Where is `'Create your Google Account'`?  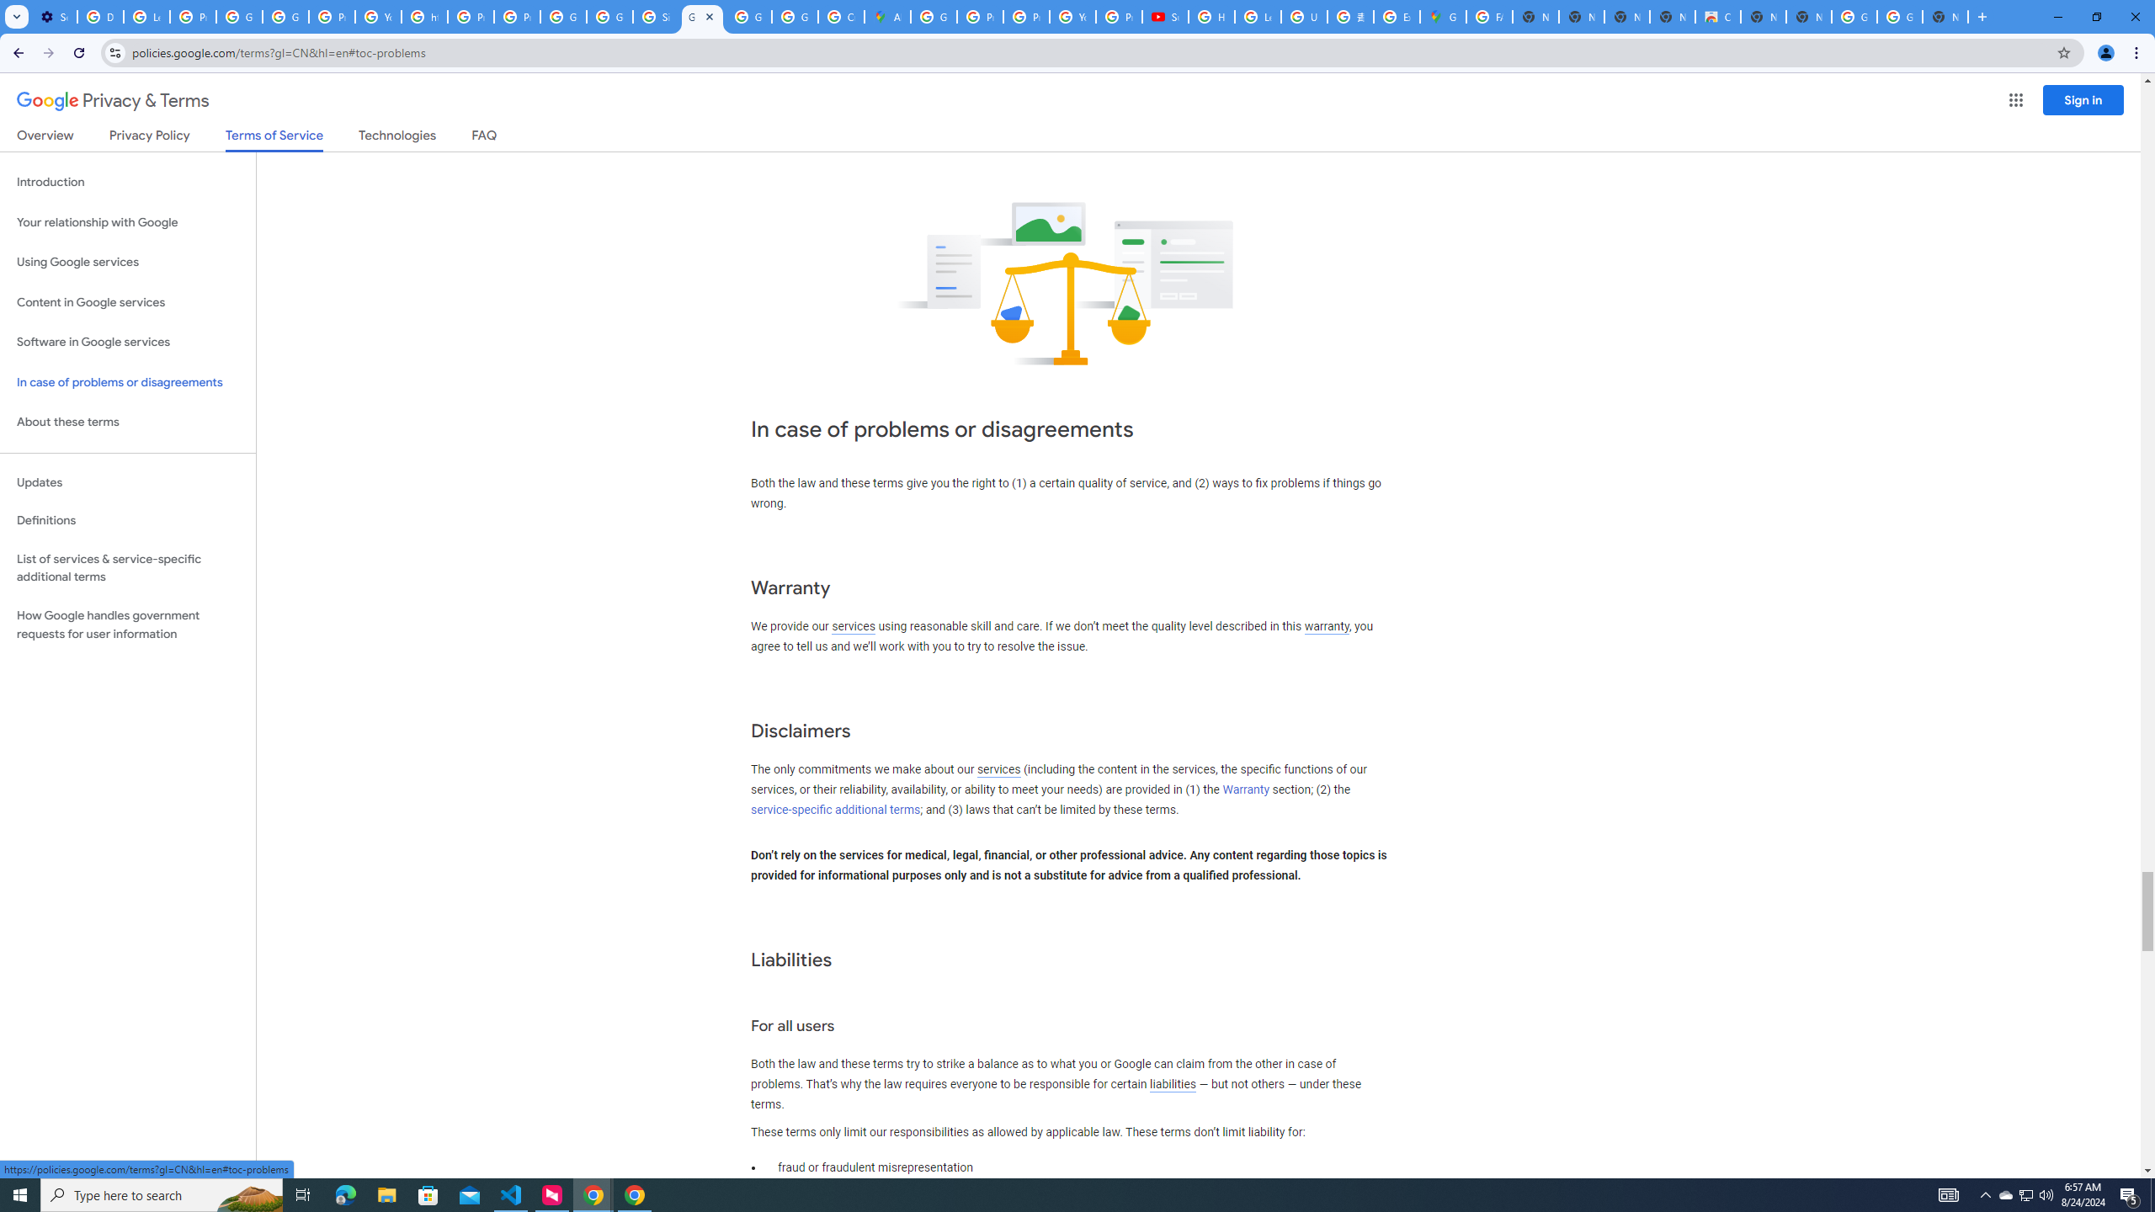
'Create your Google Account' is located at coordinates (840, 16).